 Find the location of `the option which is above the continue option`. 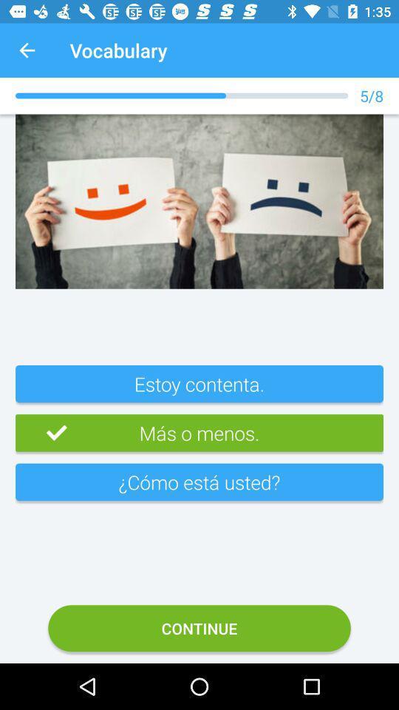

the option which is above the continue option is located at coordinates (199, 487).